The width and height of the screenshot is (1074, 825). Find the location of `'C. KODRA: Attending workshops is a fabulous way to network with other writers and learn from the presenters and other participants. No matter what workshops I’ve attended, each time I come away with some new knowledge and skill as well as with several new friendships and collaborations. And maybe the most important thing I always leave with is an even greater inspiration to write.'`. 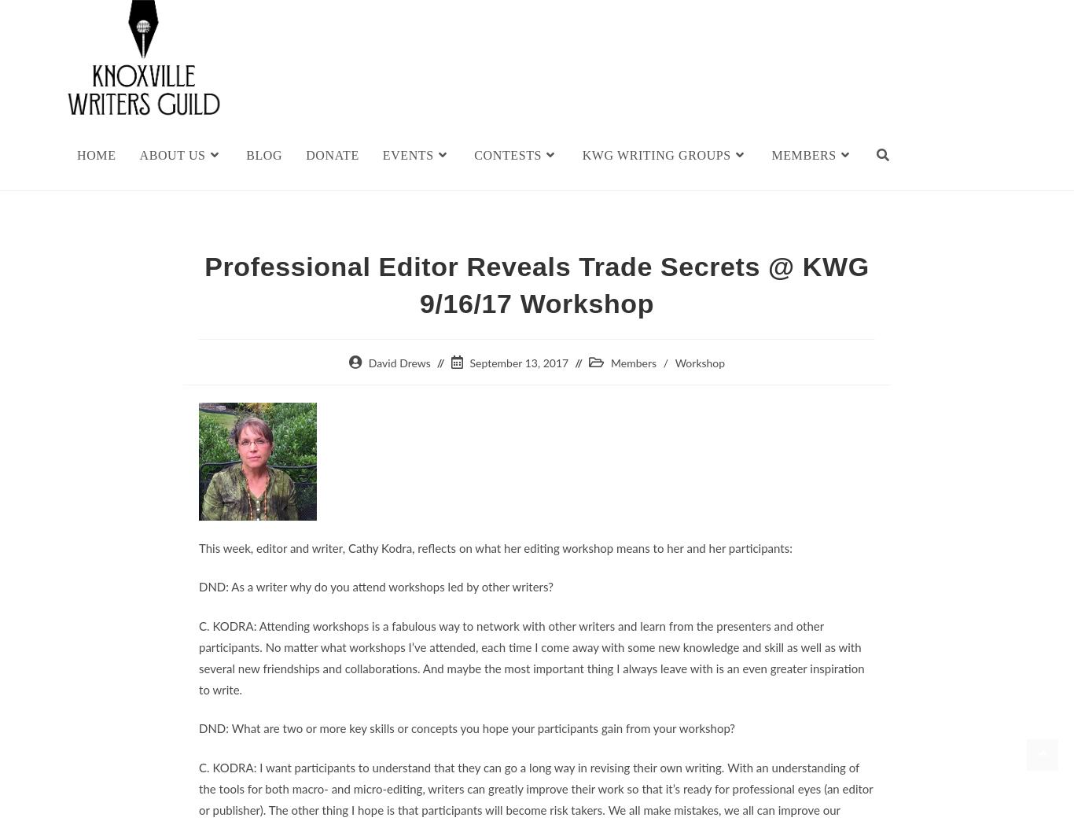

'C. KODRA: Attending workshops is a fabulous way to network with other writers and learn from the presenters and other participants. No matter what workshops I’ve attended, each time I come away with some new knowledge and skill as well as with several new friendships and collaborations. And maybe the most important thing I always leave with is an even greater inspiration to write.' is located at coordinates (198, 657).